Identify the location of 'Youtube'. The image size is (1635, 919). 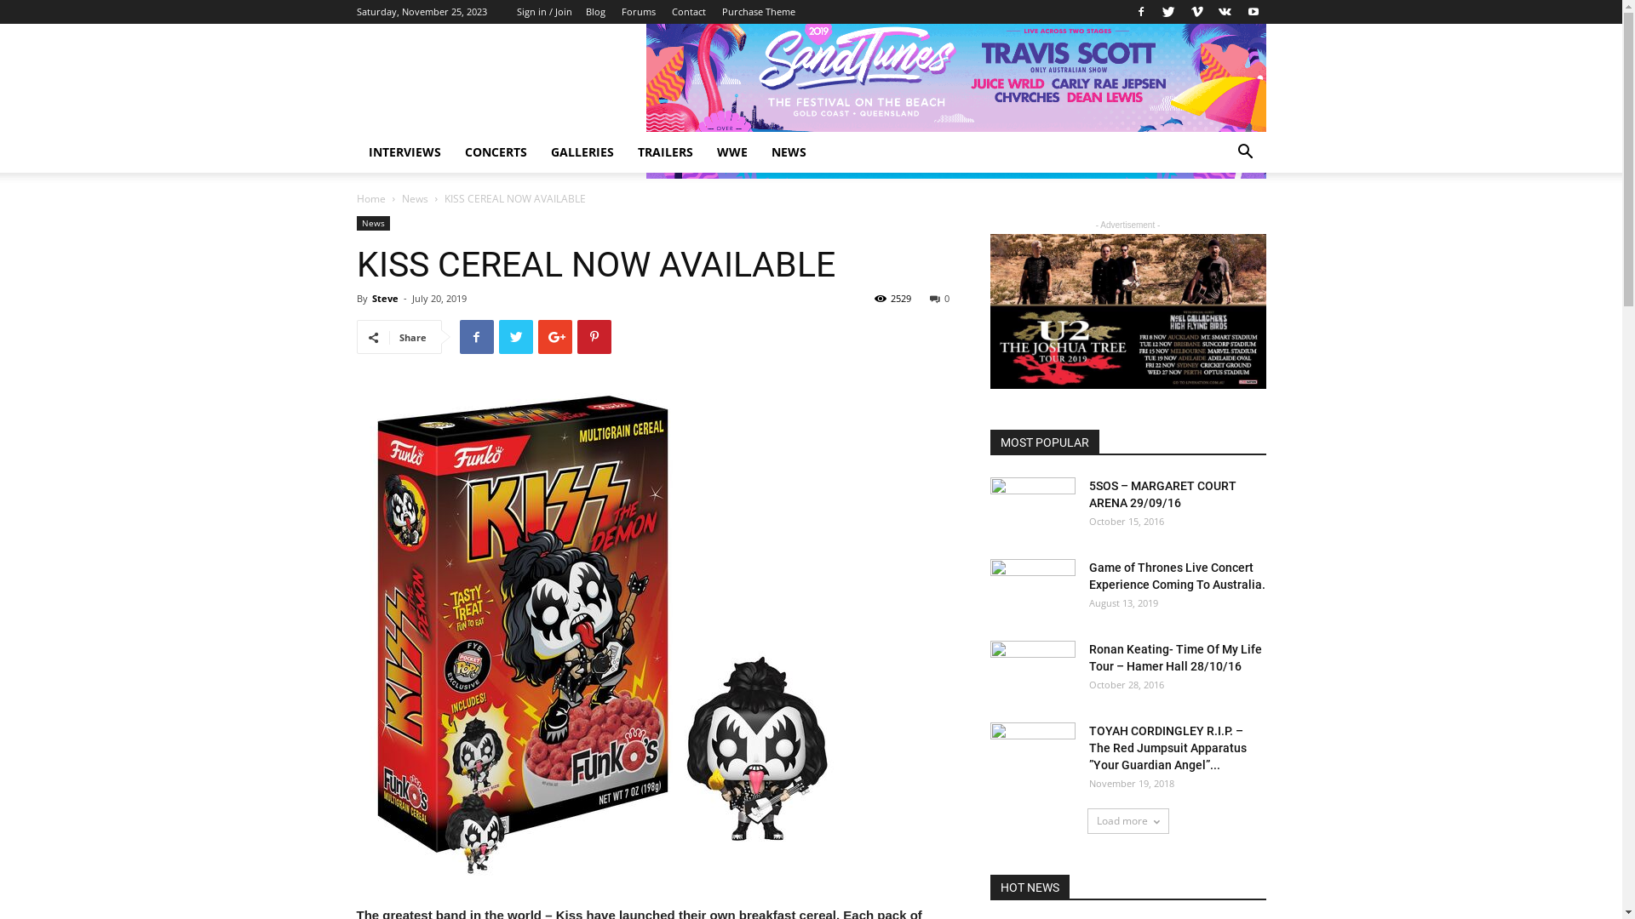
(1252, 12).